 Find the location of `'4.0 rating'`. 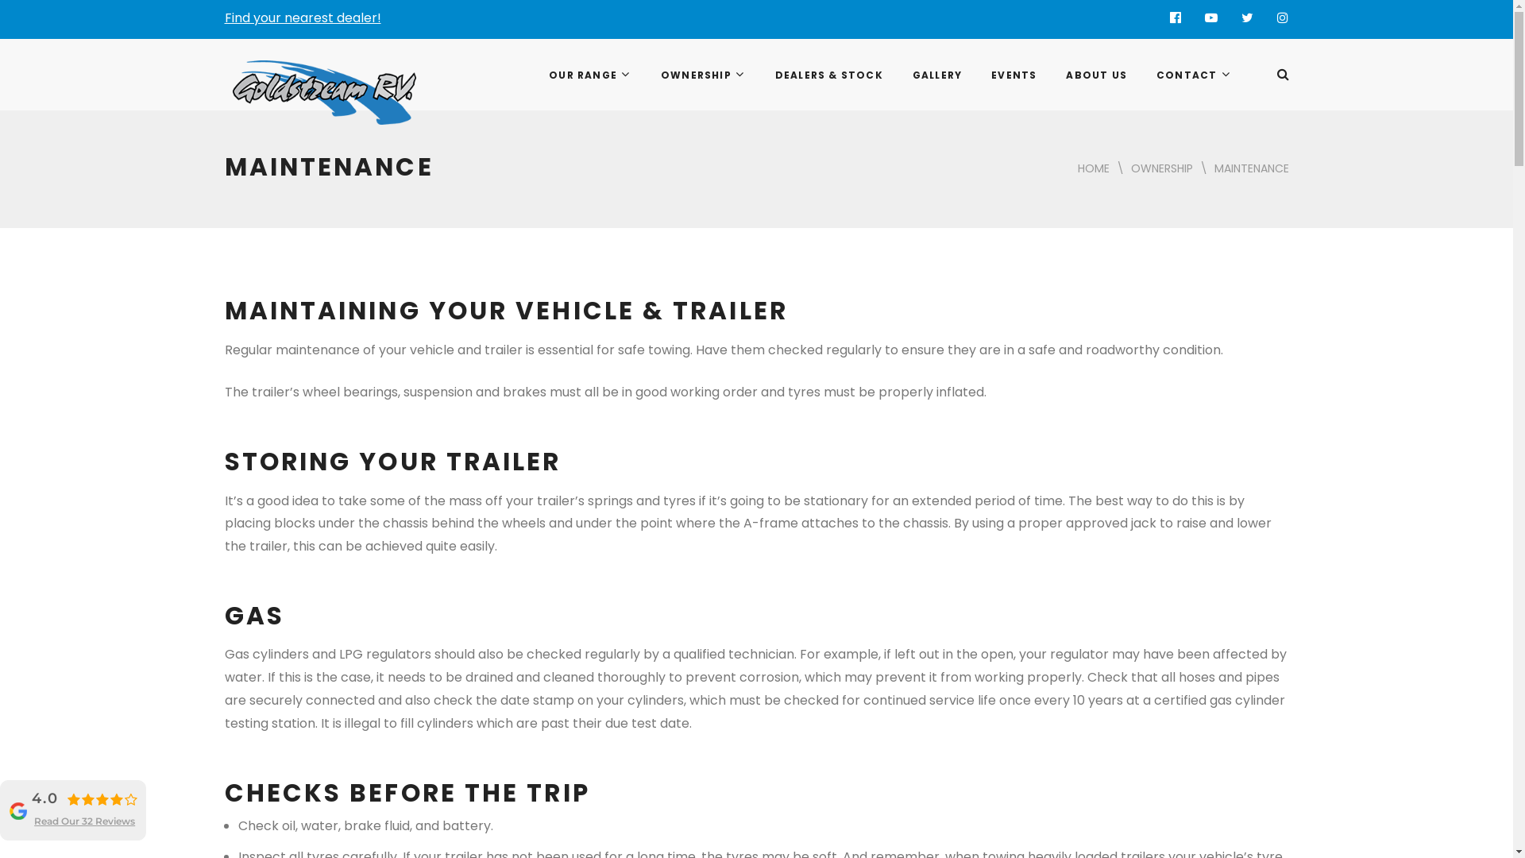

'4.0 rating' is located at coordinates (101, 799).